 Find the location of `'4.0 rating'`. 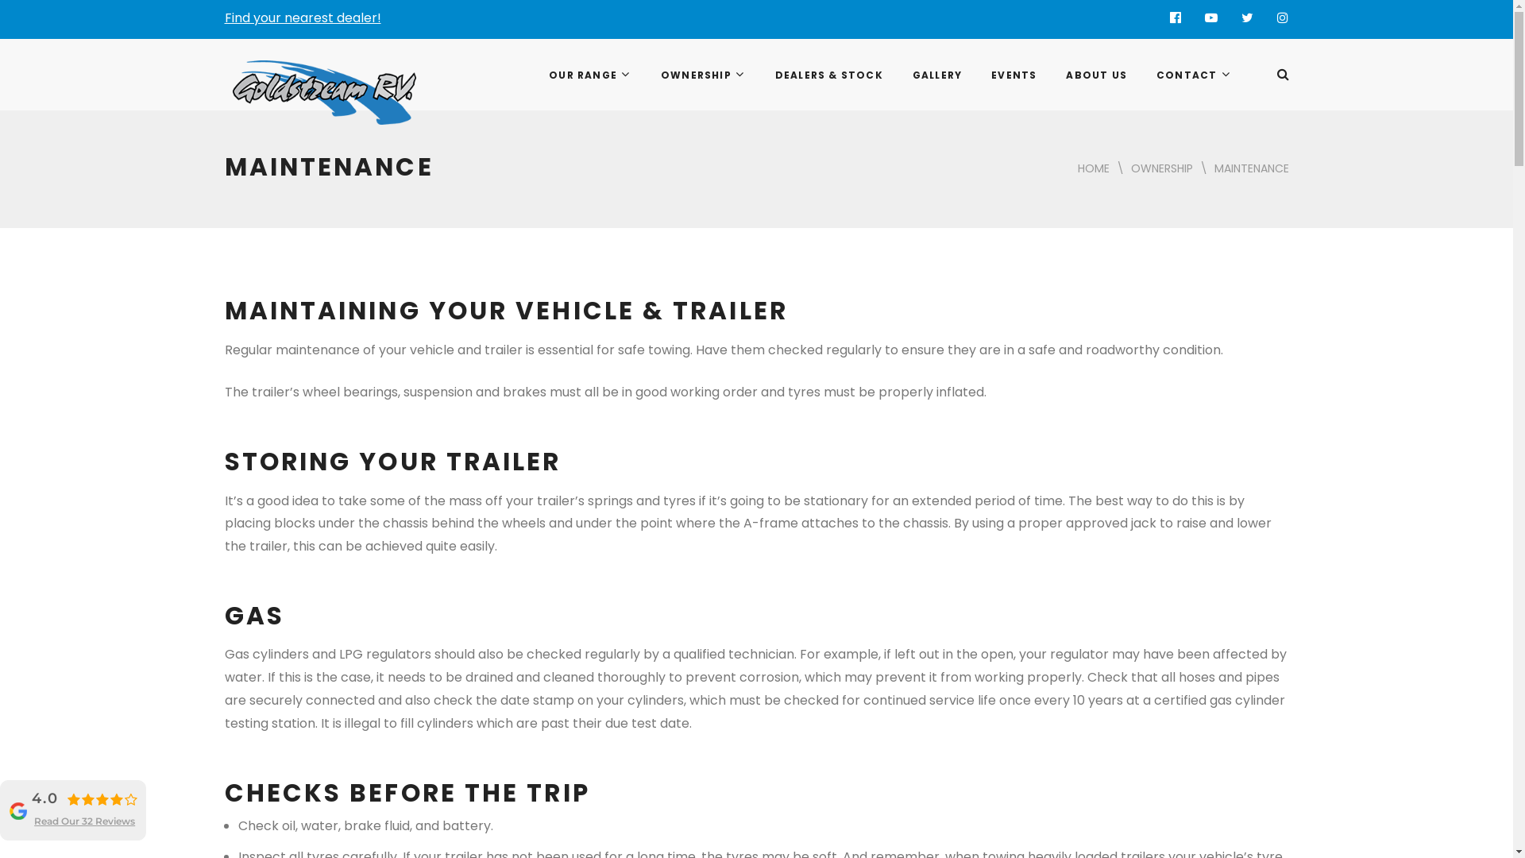

'4.0 rating' is located at coordinates (101, 799).